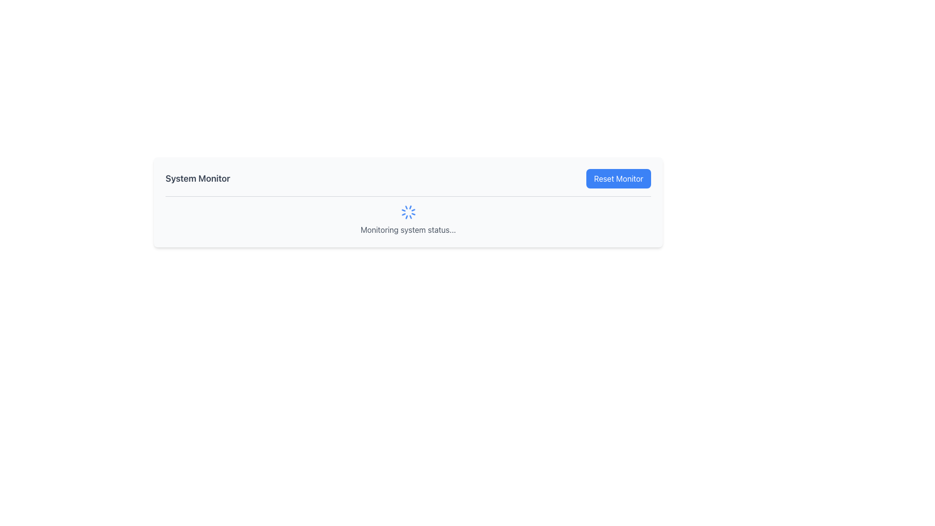  Describe the element at coordinates (197, 178) in the screenshot. I see `prominent 'System Monitor' text label, which is styled in dark gray and bold at the top-left of the panel` at that location.